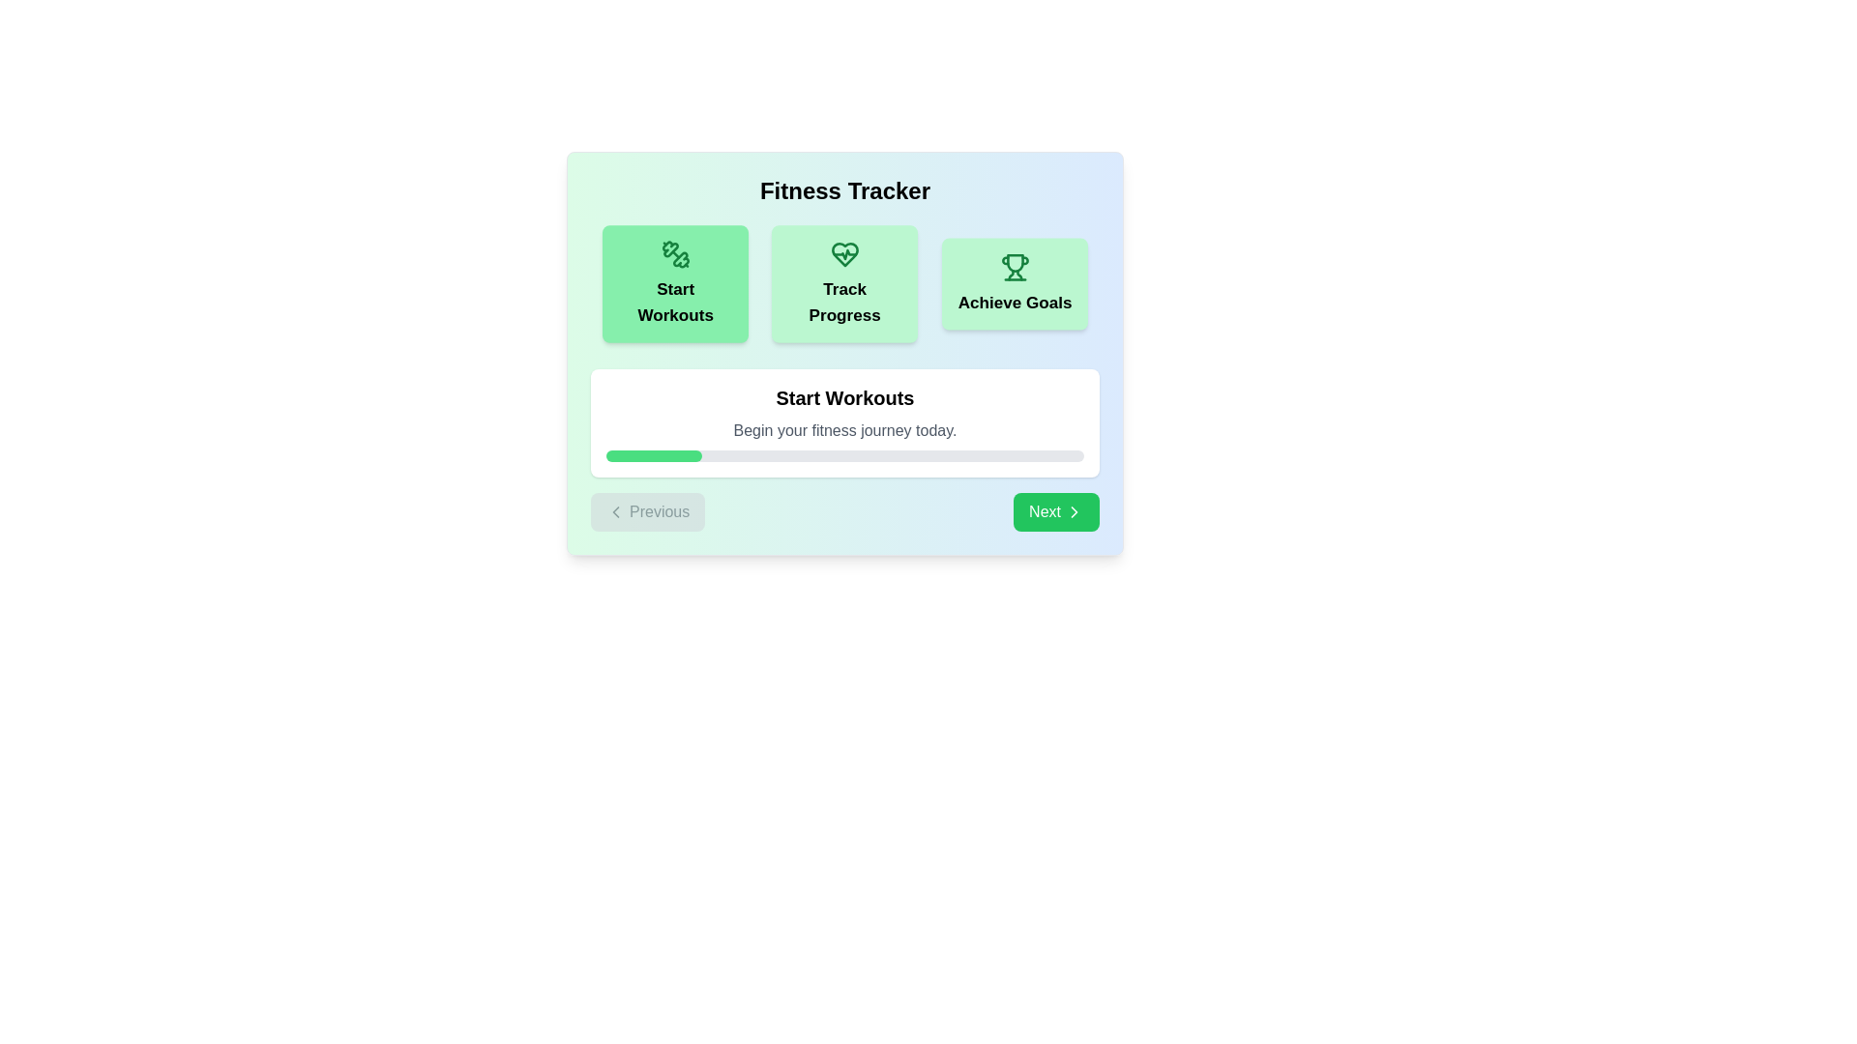 The height and width of the screenshot is (1044, 1857). I want to click on the green trophy SVG icon located above the 'Achieve Goals' text, which is the central component of the third button group from the left in the primary button row, so click(1014, 263).